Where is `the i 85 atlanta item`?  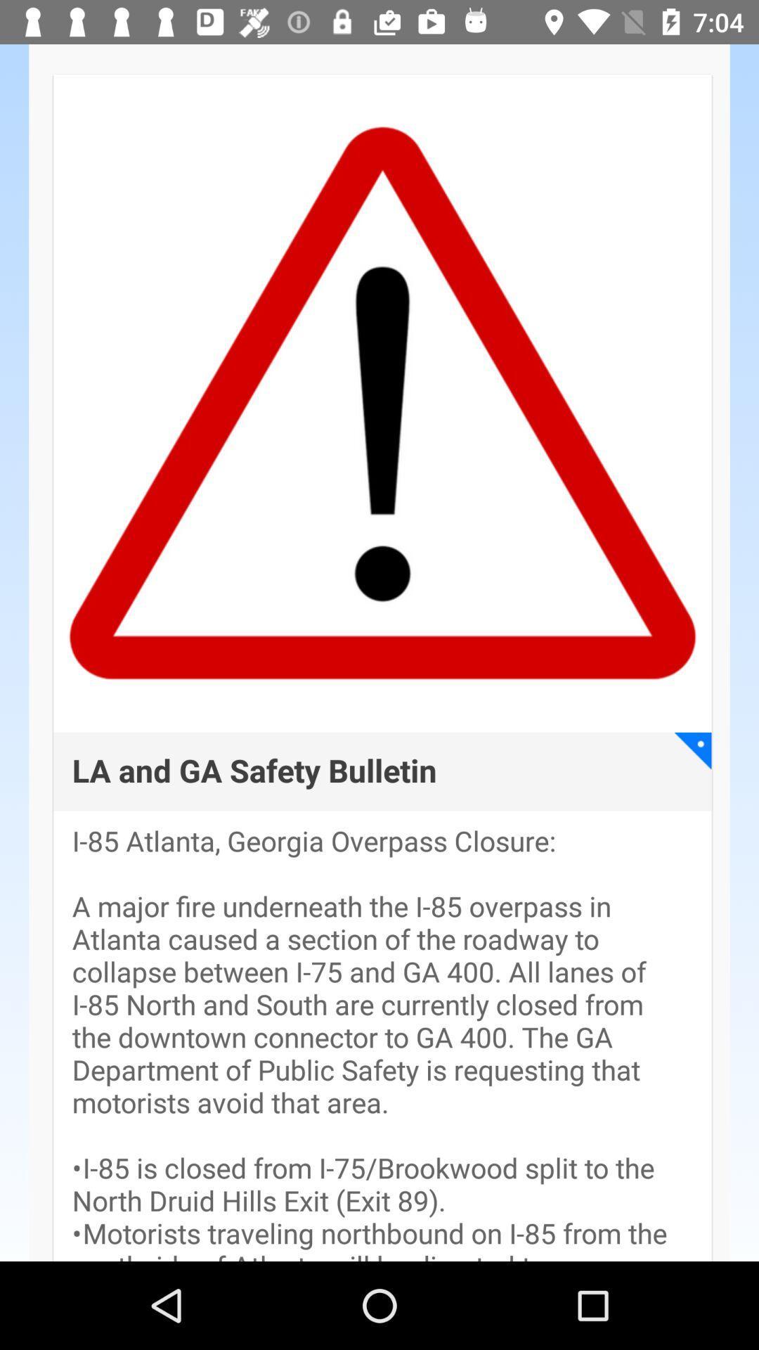 the i 85 atlanta item is located at coordinates (382, 1043).